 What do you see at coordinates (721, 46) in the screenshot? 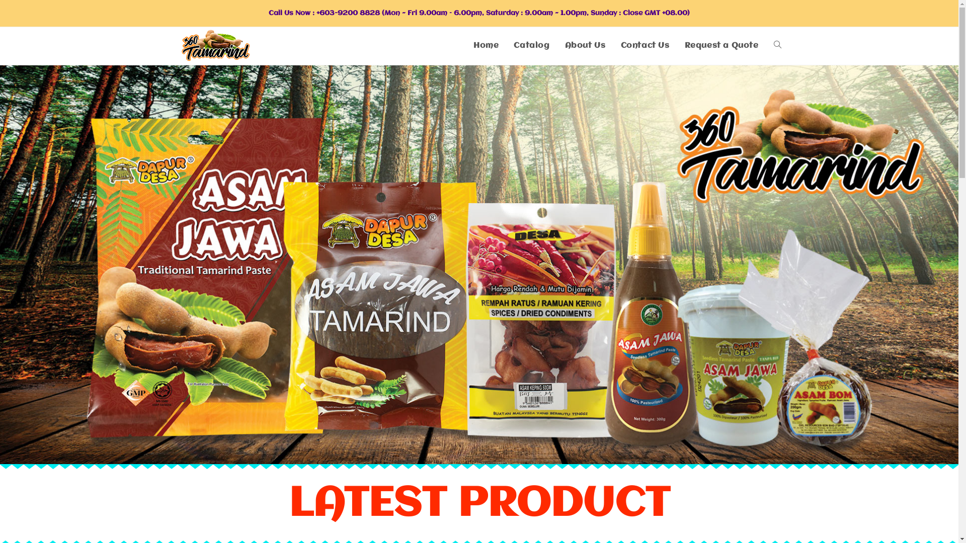
I see `'Request a Quote'` at bounding box center [721, 46].